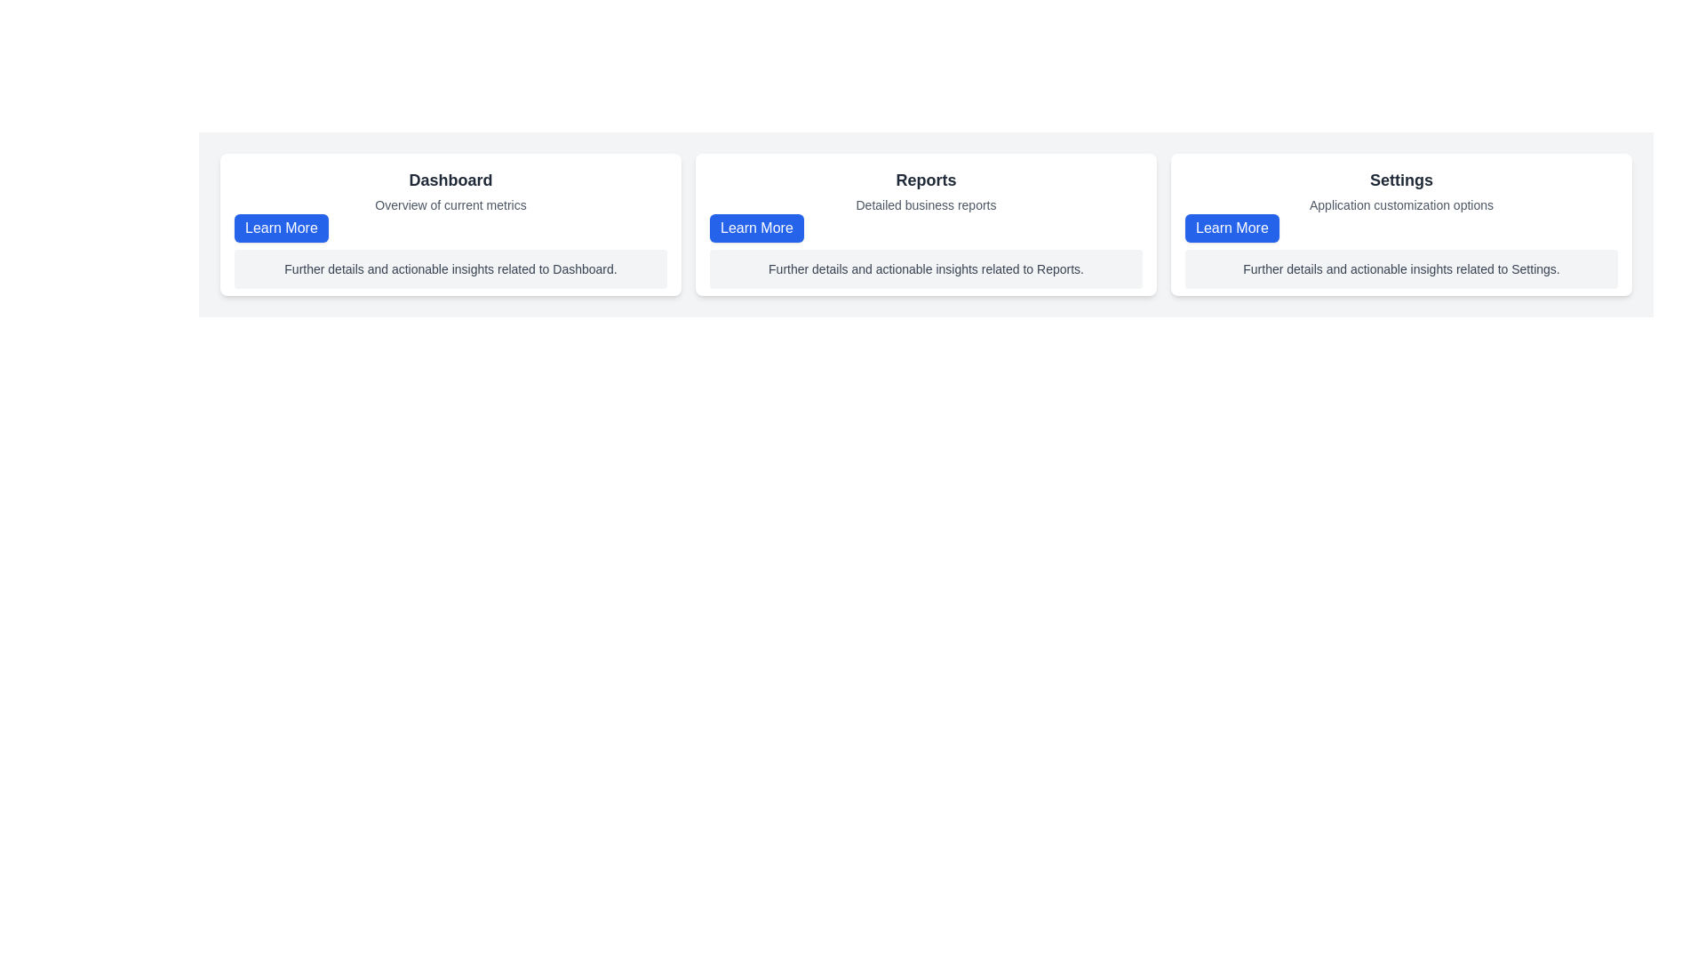 This screenshot has height=960, width=1706. I want to click on the 'Learn More' button with a blue background and white text, located at the bottom-left section of the 'Settings' card, which is the third in a horizontal sequence of three cards, so click(1231, 228).